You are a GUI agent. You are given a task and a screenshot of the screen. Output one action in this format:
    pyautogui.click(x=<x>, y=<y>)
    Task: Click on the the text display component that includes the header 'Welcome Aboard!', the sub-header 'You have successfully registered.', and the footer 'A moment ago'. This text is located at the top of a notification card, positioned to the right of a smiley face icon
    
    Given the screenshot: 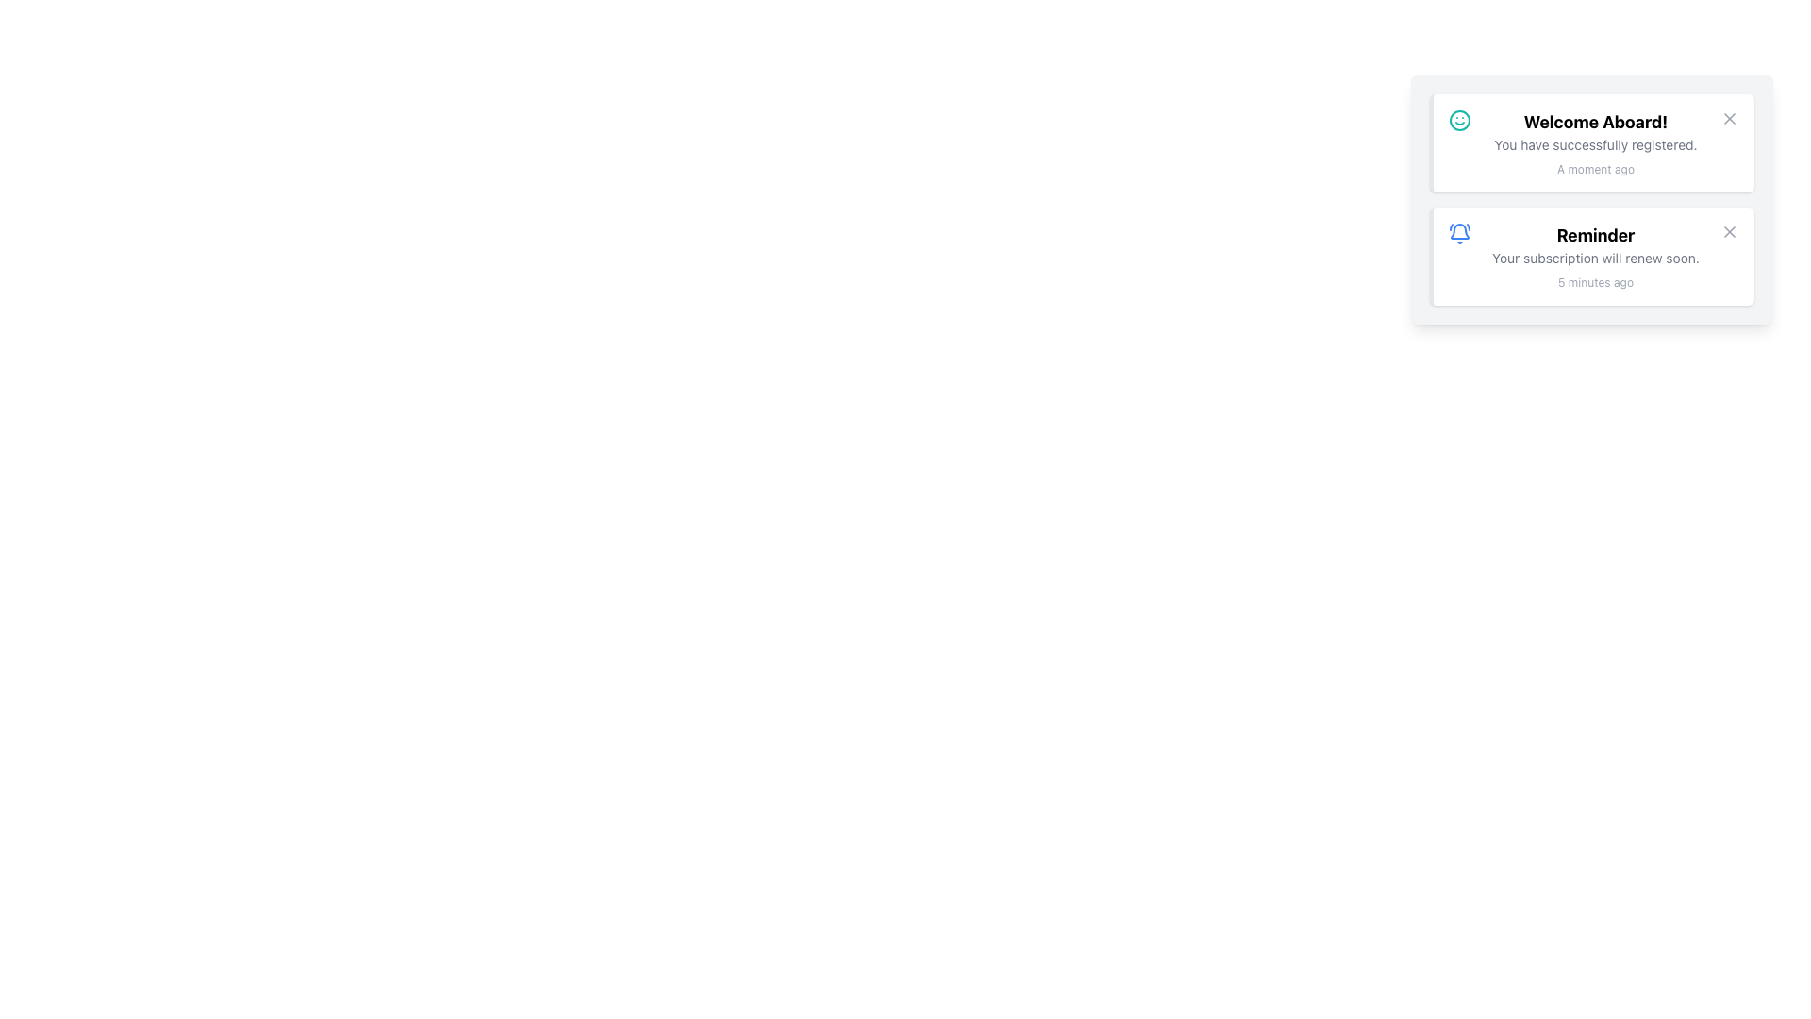 What is the action you would take?
    pyautogui.click(x=1594, y=142)
    